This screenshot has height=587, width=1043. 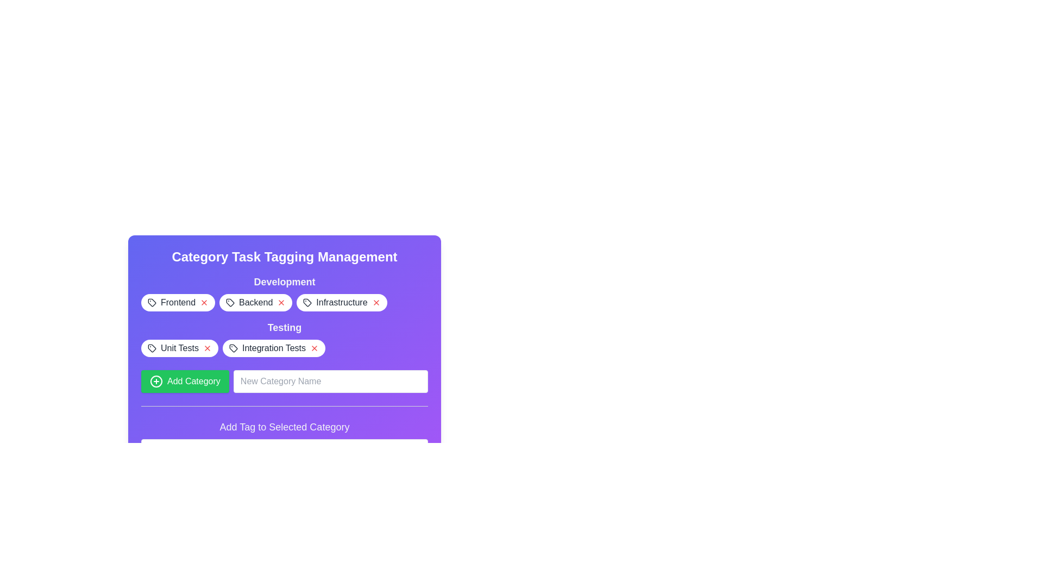 I want to click on a tag within the interactive group of tags located in the 'Testing' section for more options, so click(x=284, y=348).